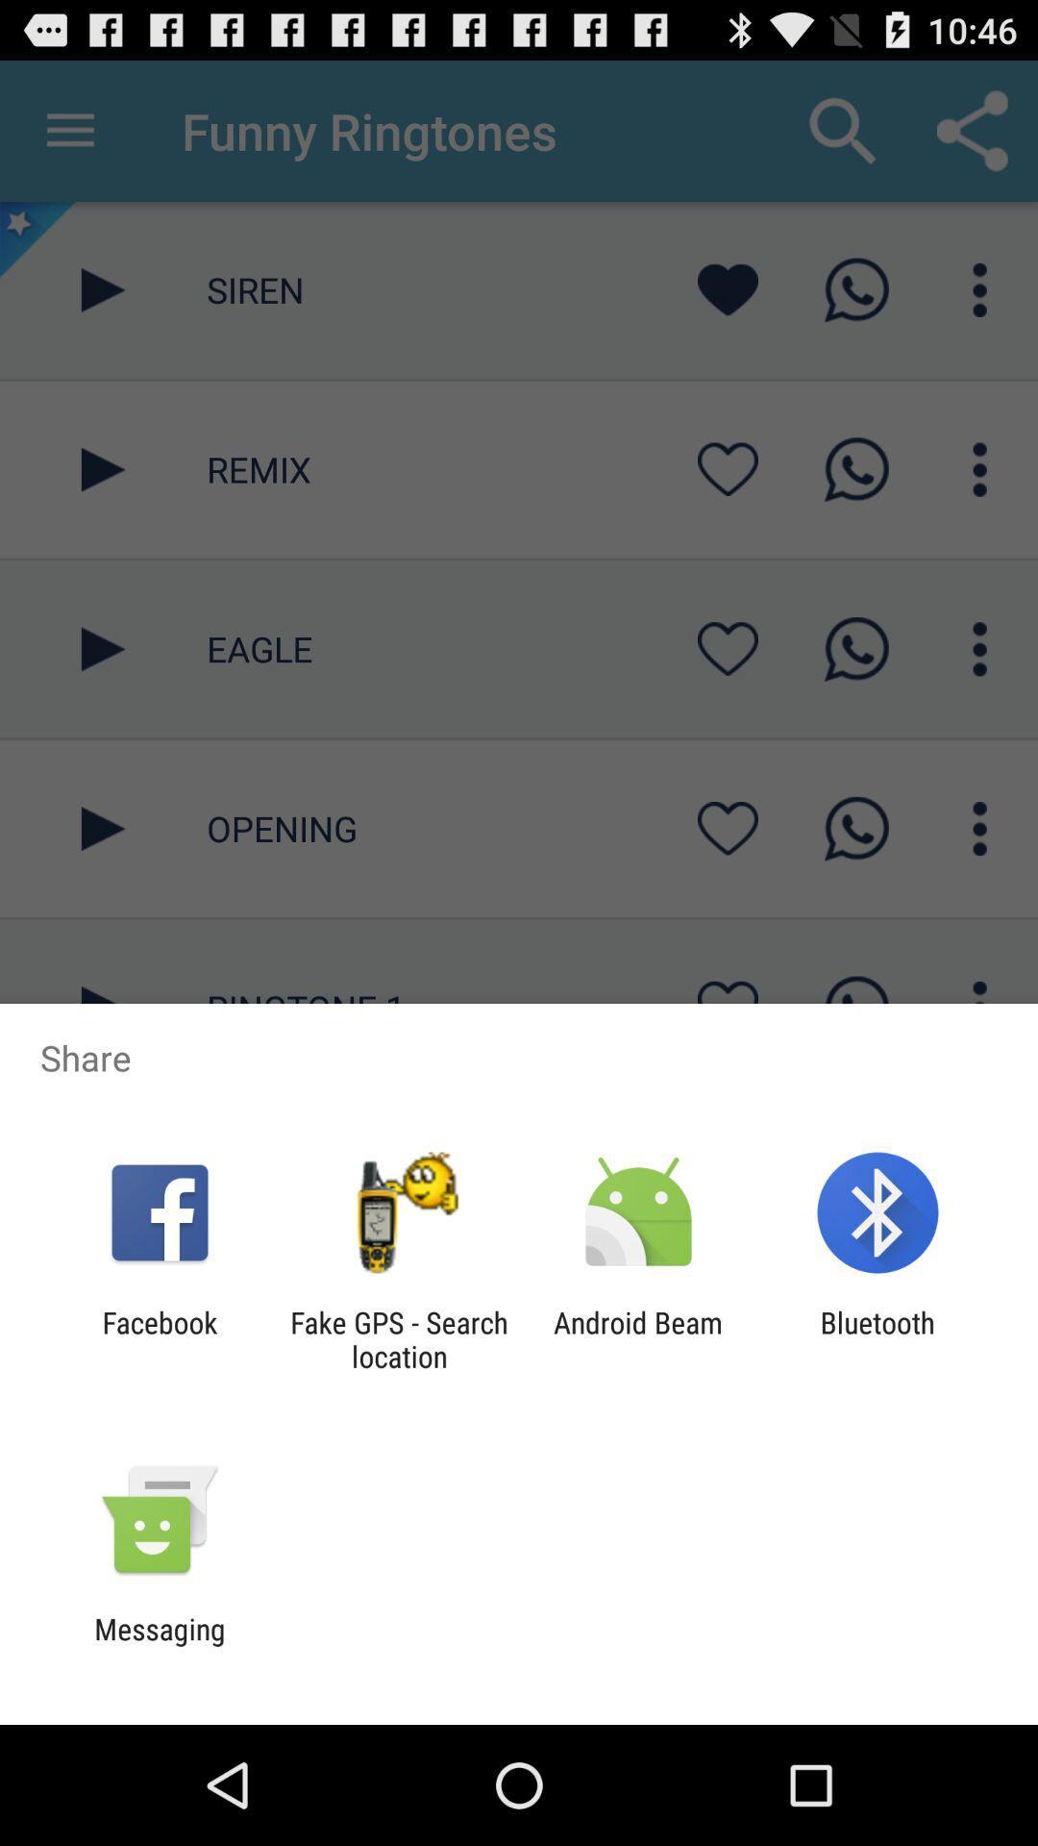 The height and width of the screenshot is (1846, 1038). What do you see at coordinates (877, 1338) in the screenshot?
I see `item next to the android beam item` at bounding box center [877, 1338].